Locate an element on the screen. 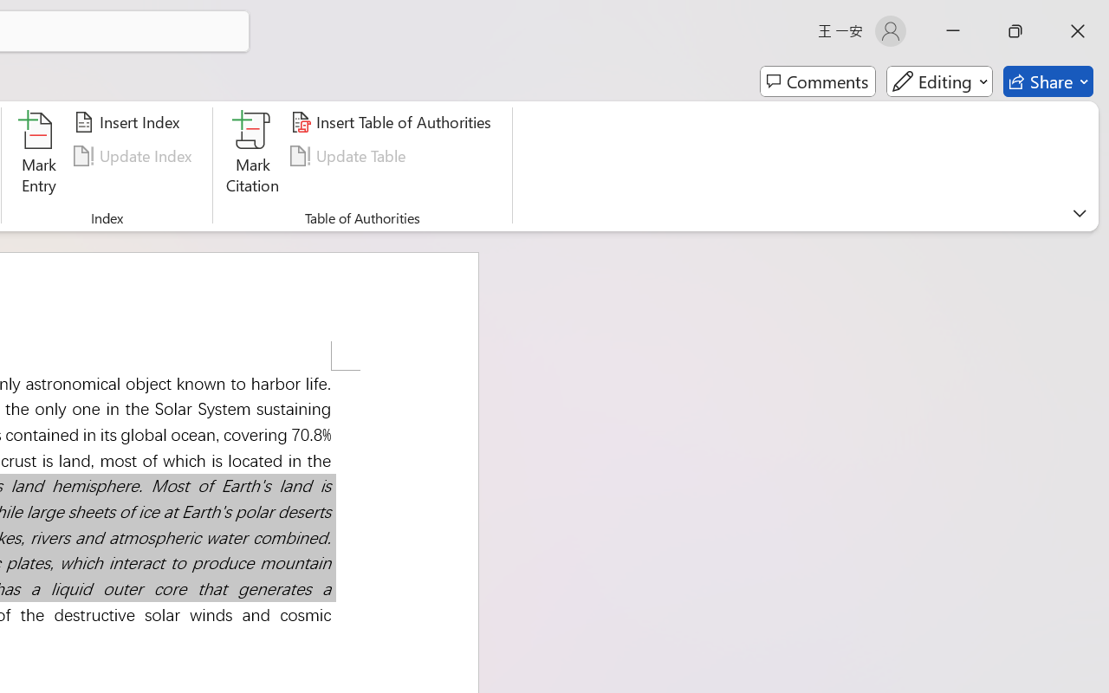 This screenshot has width=1109, height=693. 'Update Index' is located at coordinates (134, 155).